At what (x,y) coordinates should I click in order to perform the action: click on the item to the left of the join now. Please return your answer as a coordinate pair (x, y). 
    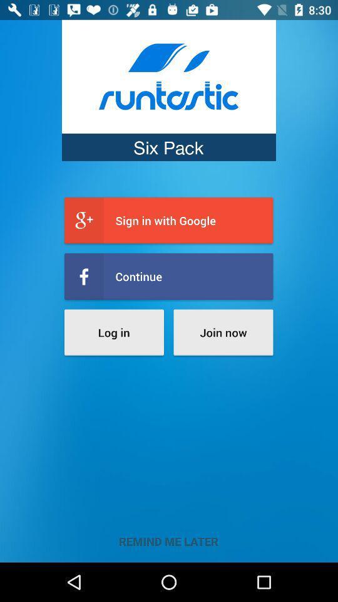
    Looking at the image, I should click on (114, 332).